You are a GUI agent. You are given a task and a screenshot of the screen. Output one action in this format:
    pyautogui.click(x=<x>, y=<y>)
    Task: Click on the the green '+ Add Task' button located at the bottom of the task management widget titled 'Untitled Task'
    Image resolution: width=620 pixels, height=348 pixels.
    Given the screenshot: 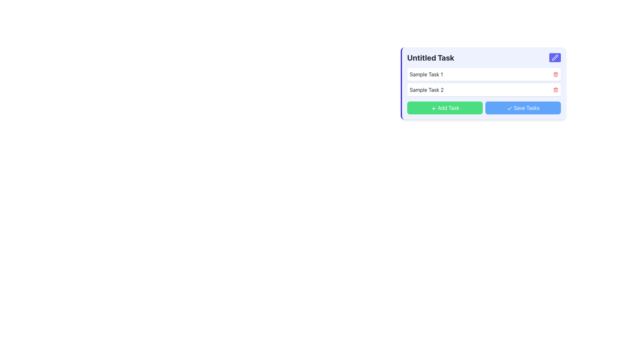 What is the action you would take?
    pyautogui.click(x=483, y=121)
    